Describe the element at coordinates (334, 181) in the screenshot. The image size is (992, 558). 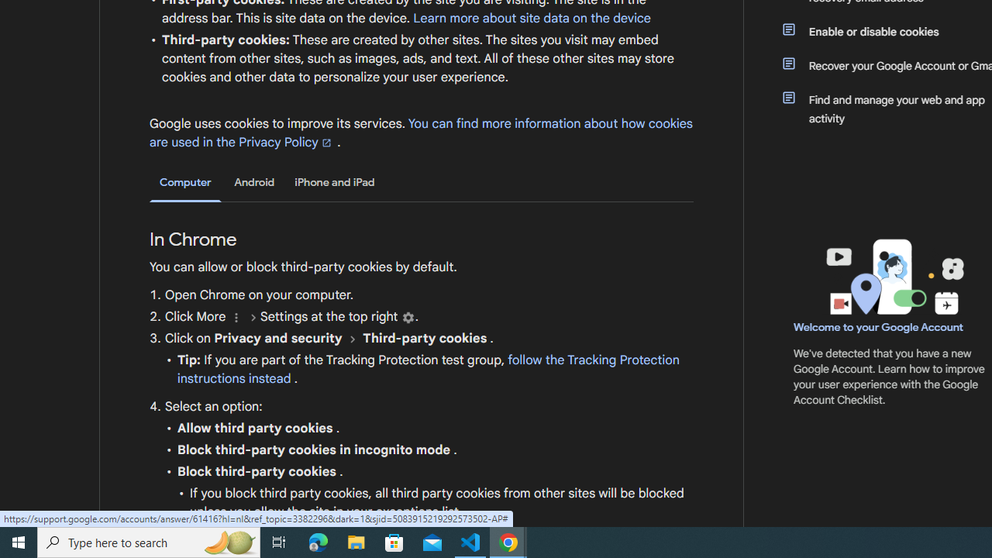
I see `'iPhone and iPad'` at that location.